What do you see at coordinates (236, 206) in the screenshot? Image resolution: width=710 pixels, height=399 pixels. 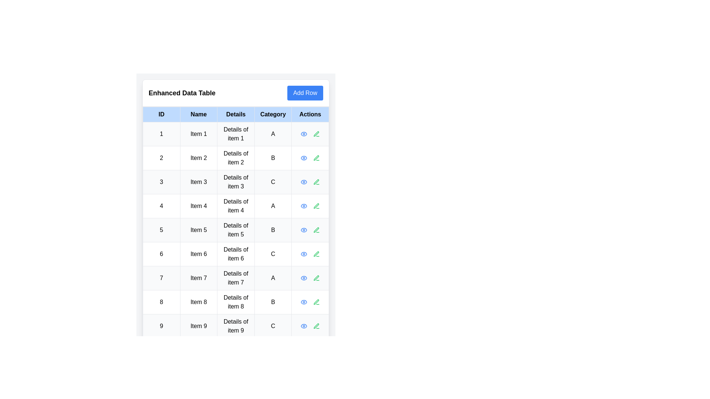 I see `the table cell displaying details for the fourth item in the table, located in the fourth row and third column, adjacent to 'Item 4' and 'A'` at bounding box center [236, 206].